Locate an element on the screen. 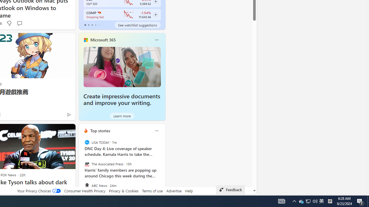  'The Associated Press' is located at coordinates (86, 164).